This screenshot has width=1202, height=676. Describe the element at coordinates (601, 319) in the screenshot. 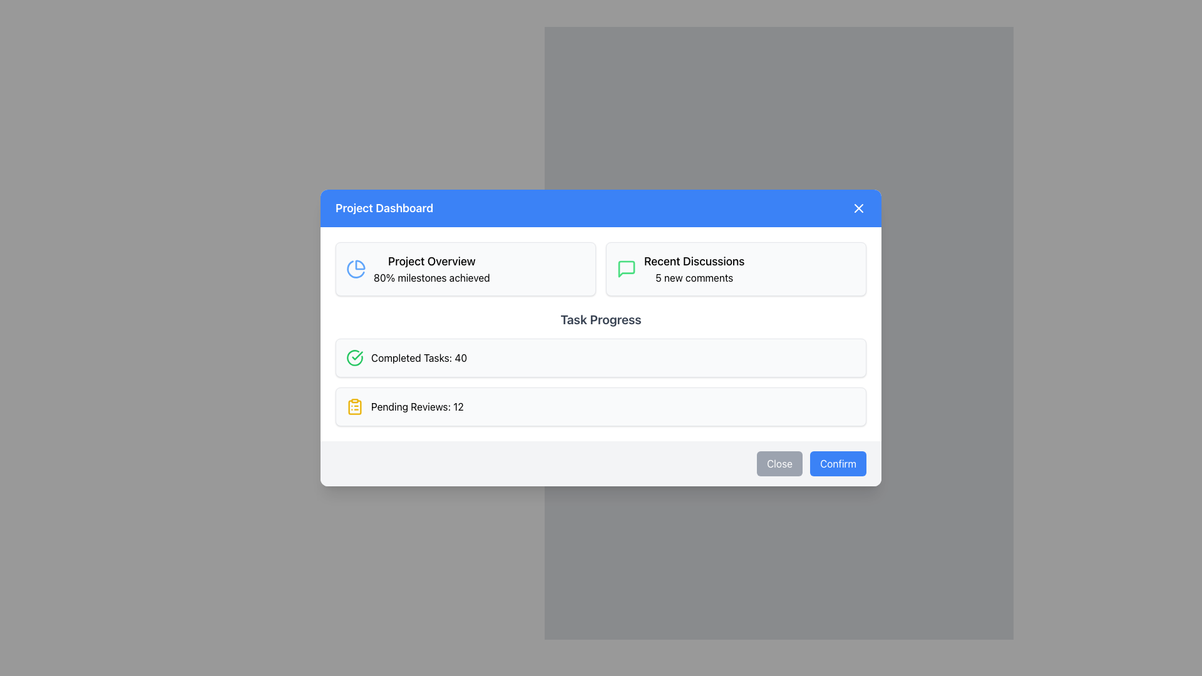

I see `the 'Task Progress' text label, which is prominently displayed in bold, dark gray, and large-sized font, located below the 'Project Dashboard' header` at that location.